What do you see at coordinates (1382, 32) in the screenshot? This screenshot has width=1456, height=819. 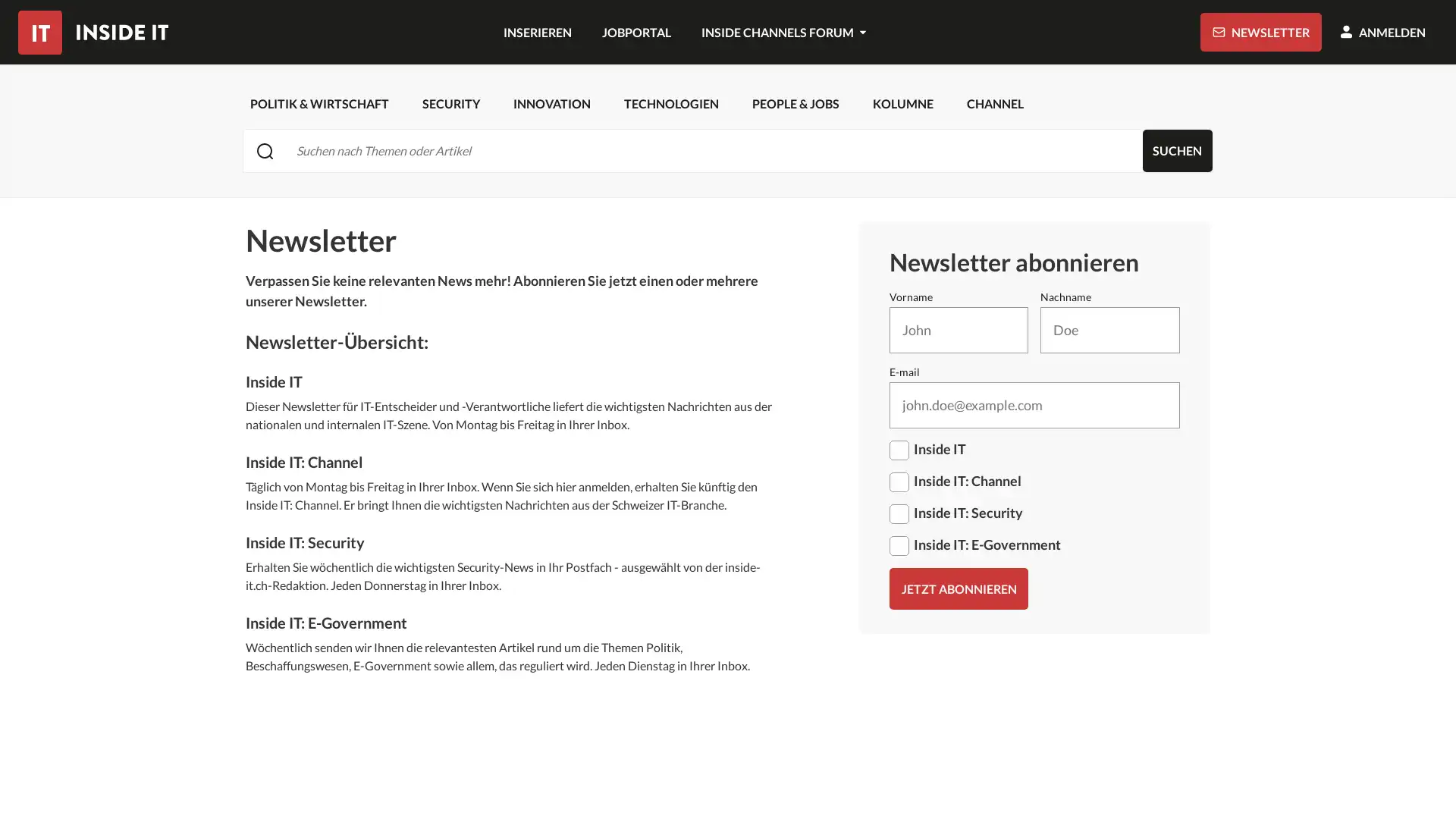 I see `user ANMELDEN` at bounding box center [1382, 32].